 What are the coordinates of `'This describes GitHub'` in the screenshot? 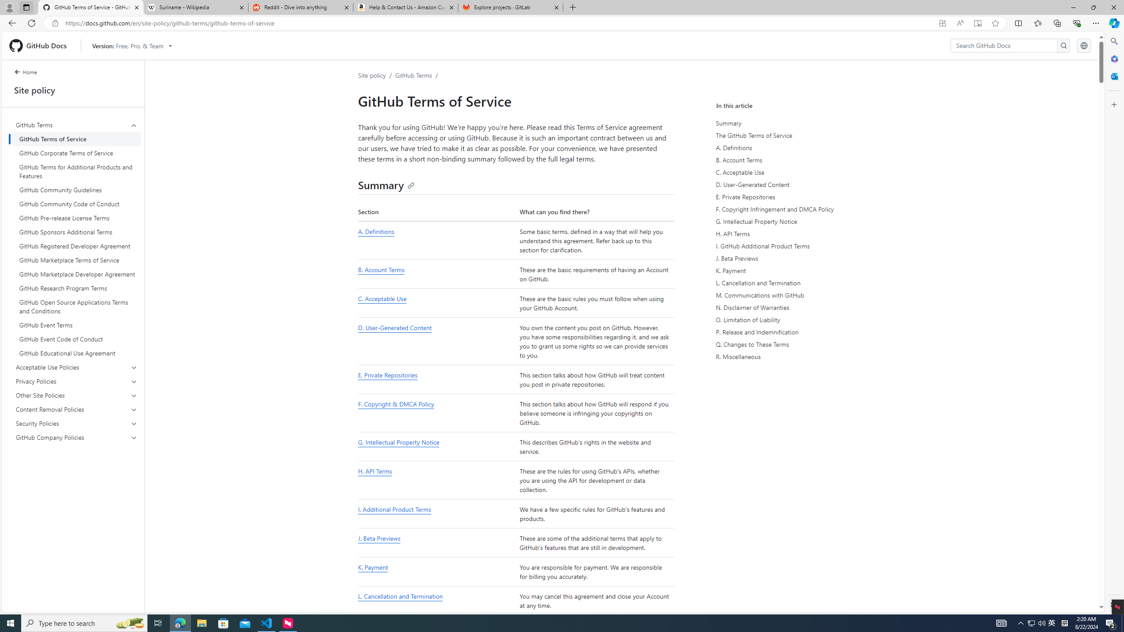 It's located at (594, 447).